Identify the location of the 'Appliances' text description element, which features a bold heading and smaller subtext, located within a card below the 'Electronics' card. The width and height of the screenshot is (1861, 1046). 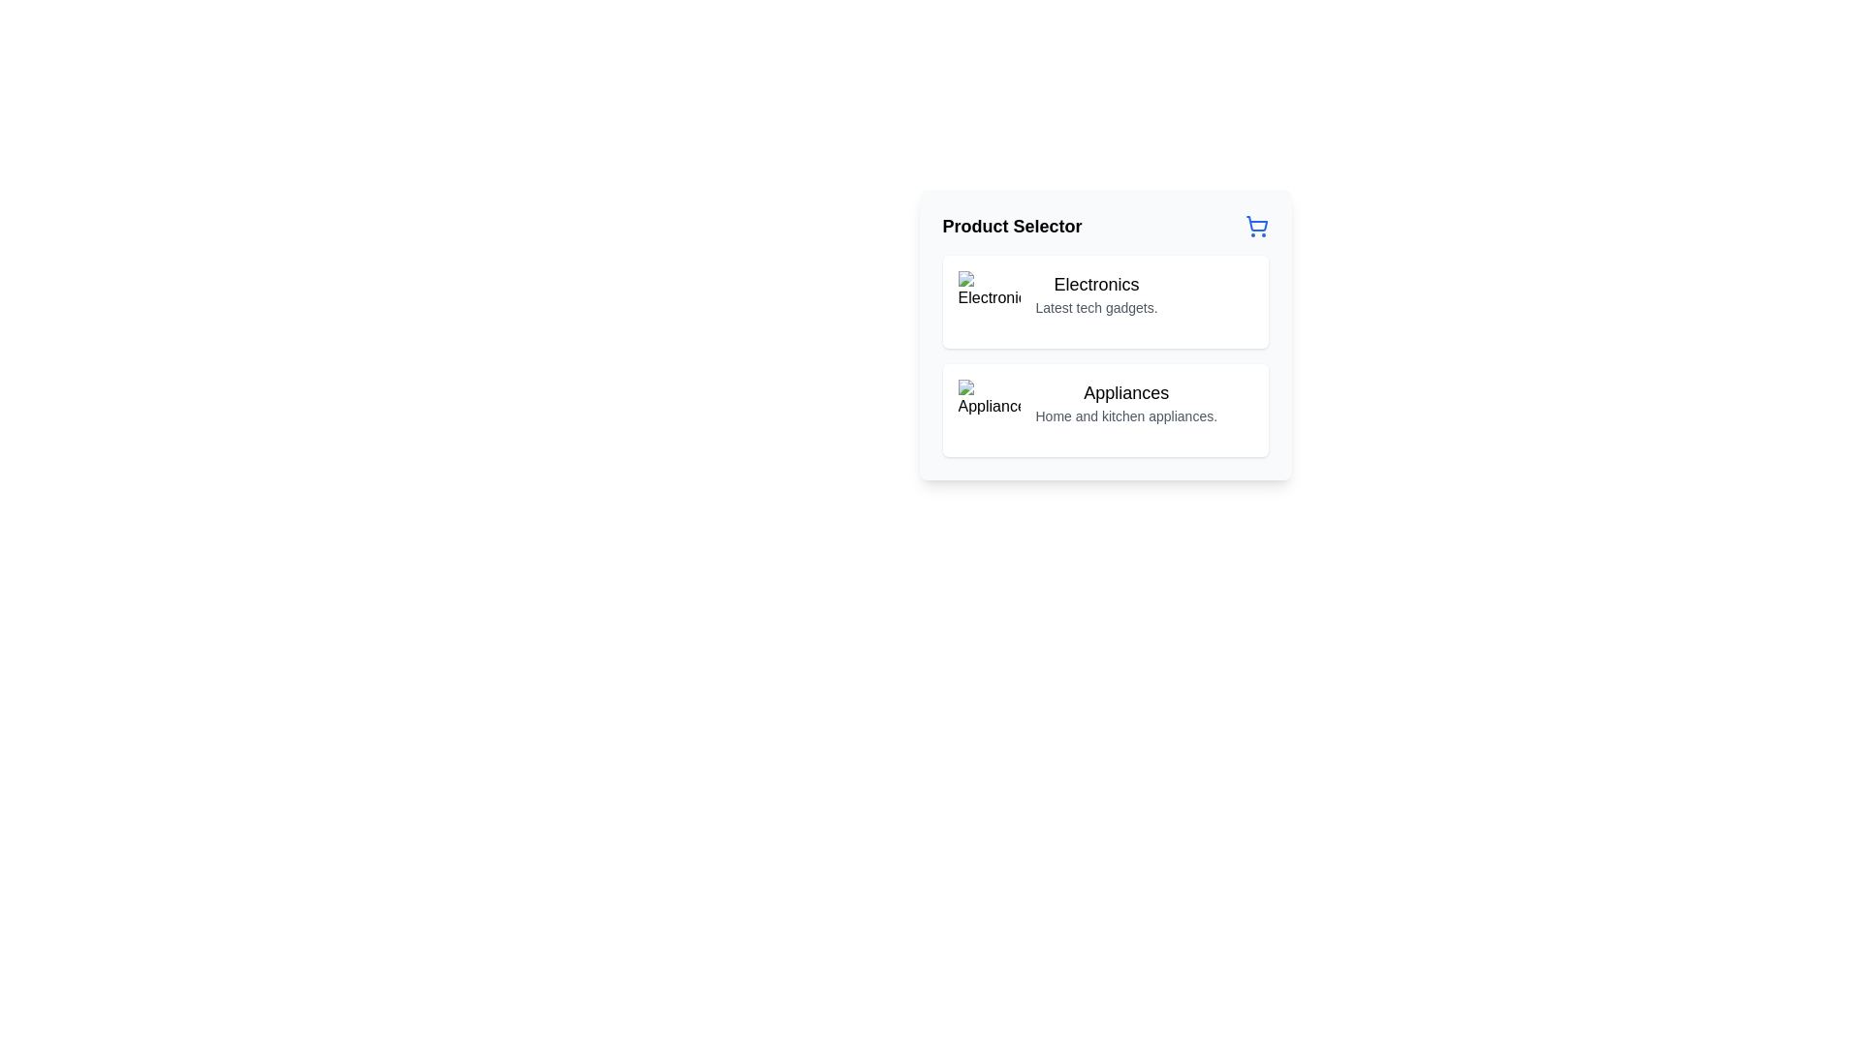
(1126, 402).